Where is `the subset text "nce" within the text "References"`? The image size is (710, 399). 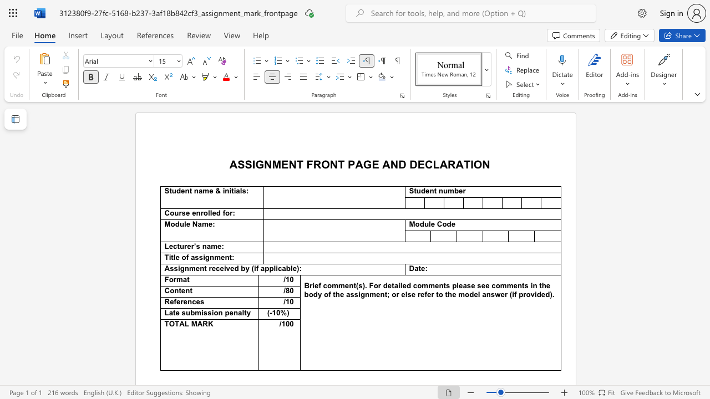 the subset text "nce" within the text "References" is located at coordinates (187, 301).